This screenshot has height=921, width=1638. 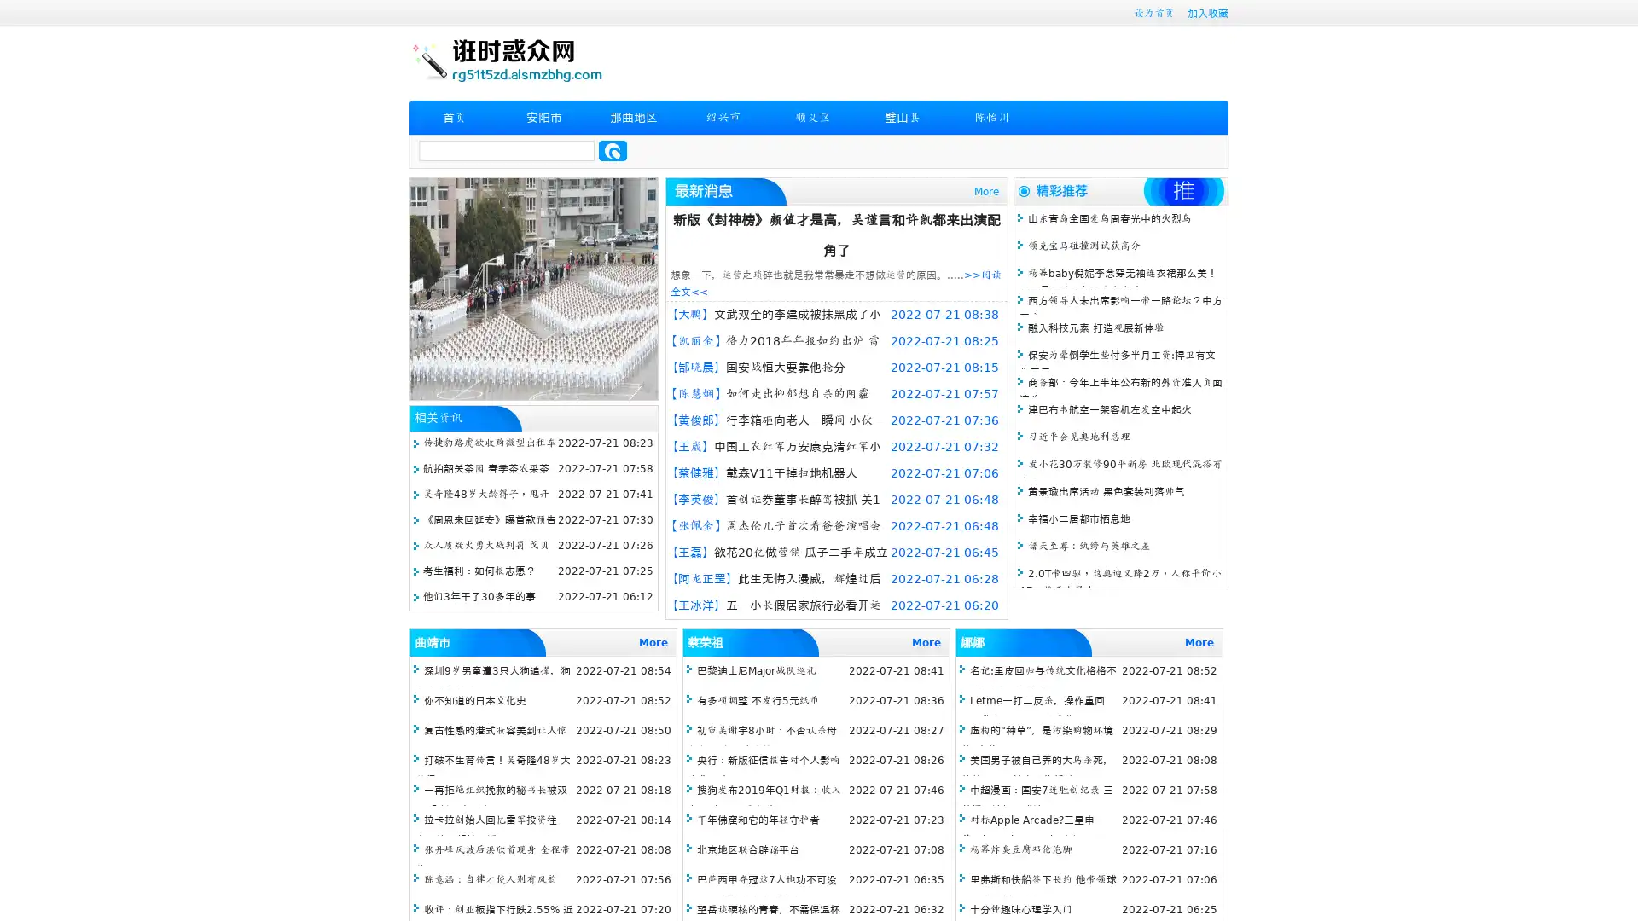 What do you see at coordinates (613, 150) in the screenshot?
I see `Search` at bounding box center [613, 150].